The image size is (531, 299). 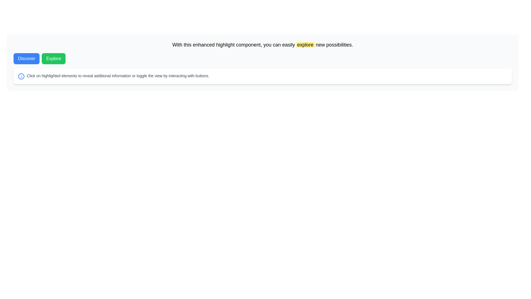 What do you see at coordinates (21, 76) in the screenshot?
I see `the blue circular SVG element, which is part of an informational icon positioned near the middle-bottom of the page` at bounding box center [21, 76].